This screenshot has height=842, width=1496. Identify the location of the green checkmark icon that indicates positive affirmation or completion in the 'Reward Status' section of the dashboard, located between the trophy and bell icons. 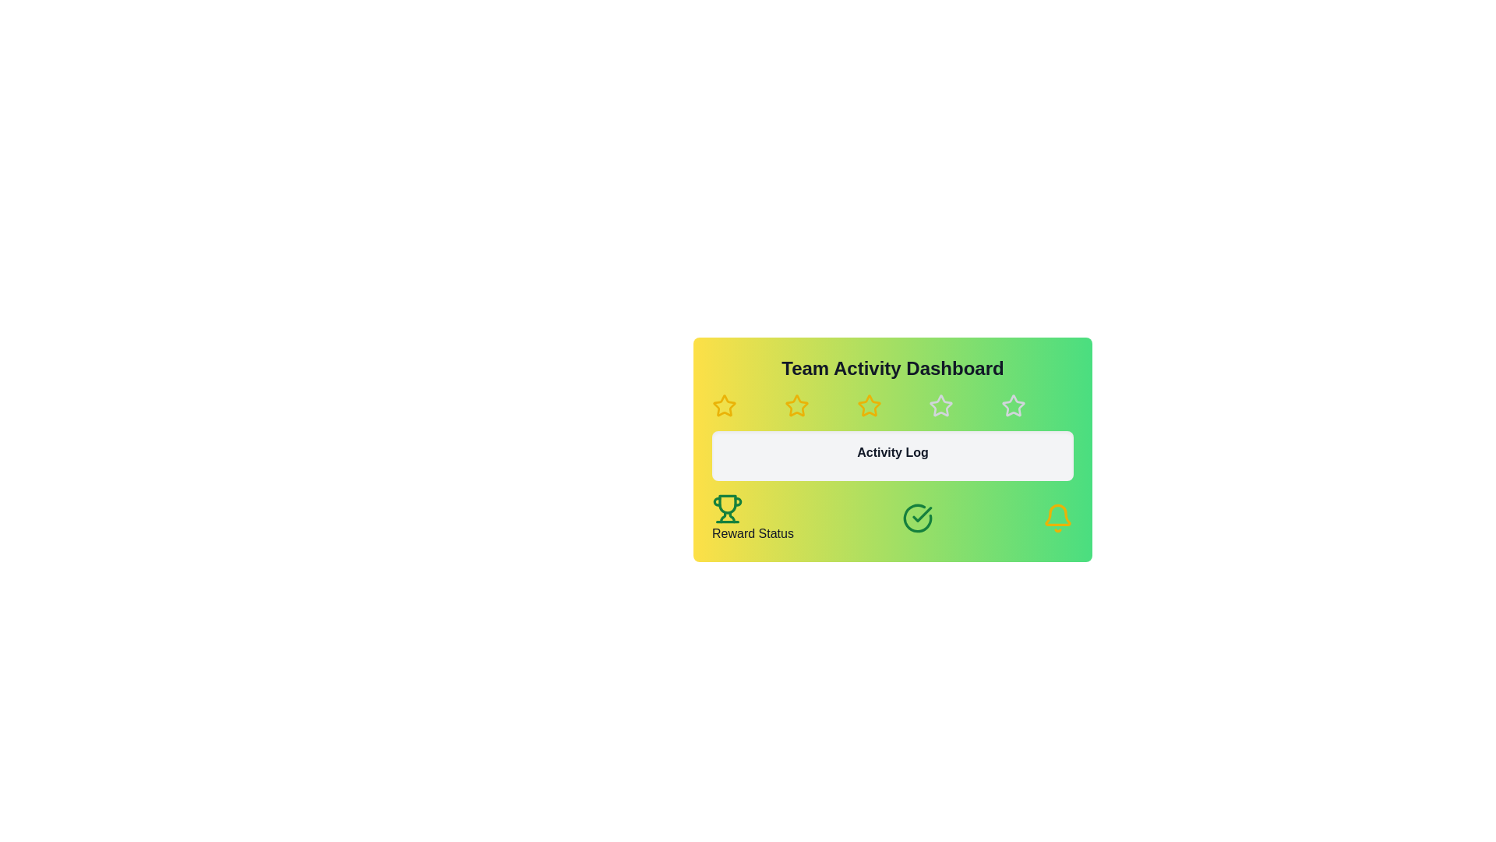
(918, 518).